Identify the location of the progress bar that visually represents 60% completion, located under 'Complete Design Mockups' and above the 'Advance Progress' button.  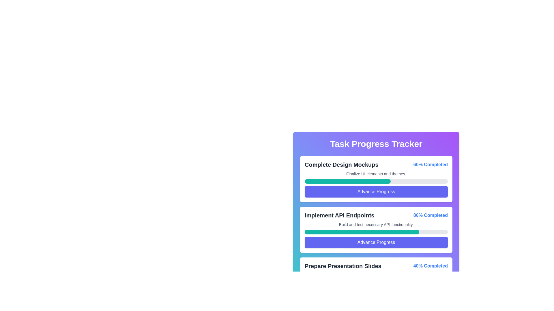
(376, 181).